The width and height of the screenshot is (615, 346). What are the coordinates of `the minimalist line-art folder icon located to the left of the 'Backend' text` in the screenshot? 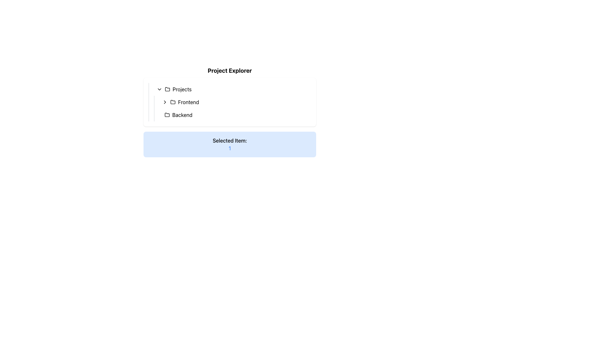 It's located at (167, 114).